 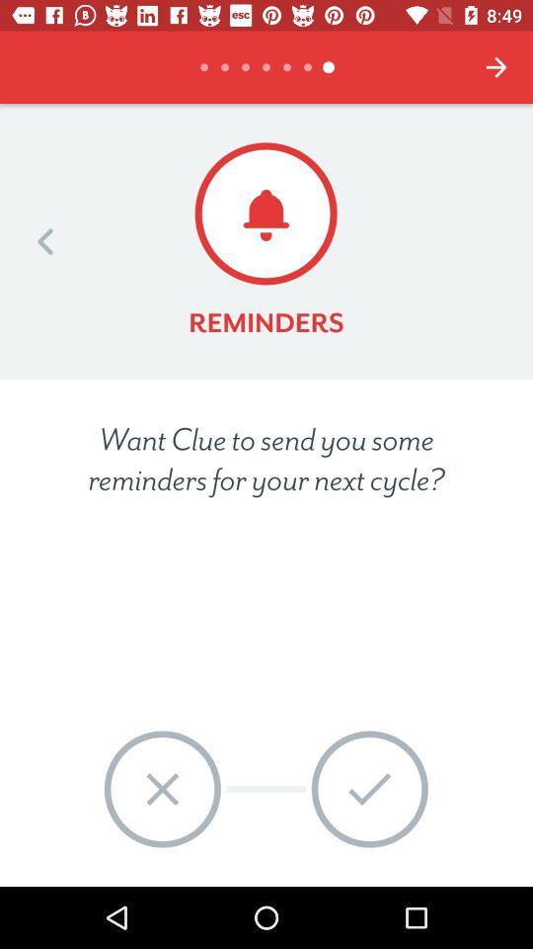 I want to click on item below the want clue to, so click(x=369, y=789).